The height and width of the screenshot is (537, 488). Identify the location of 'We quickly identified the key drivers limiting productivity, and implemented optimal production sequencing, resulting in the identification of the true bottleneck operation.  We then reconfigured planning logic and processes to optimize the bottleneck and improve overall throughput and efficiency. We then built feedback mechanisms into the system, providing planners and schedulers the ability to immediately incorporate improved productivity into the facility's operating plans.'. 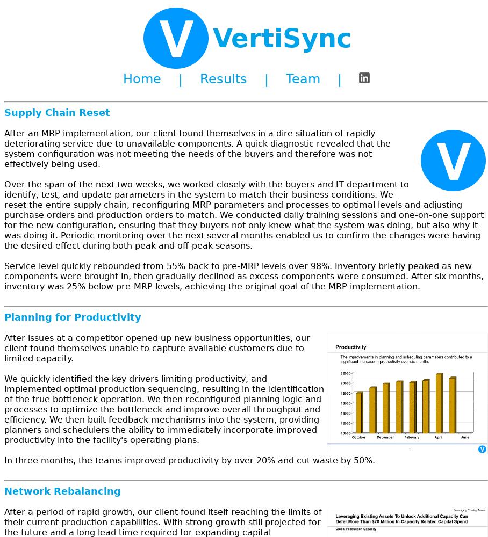
(163, 409).